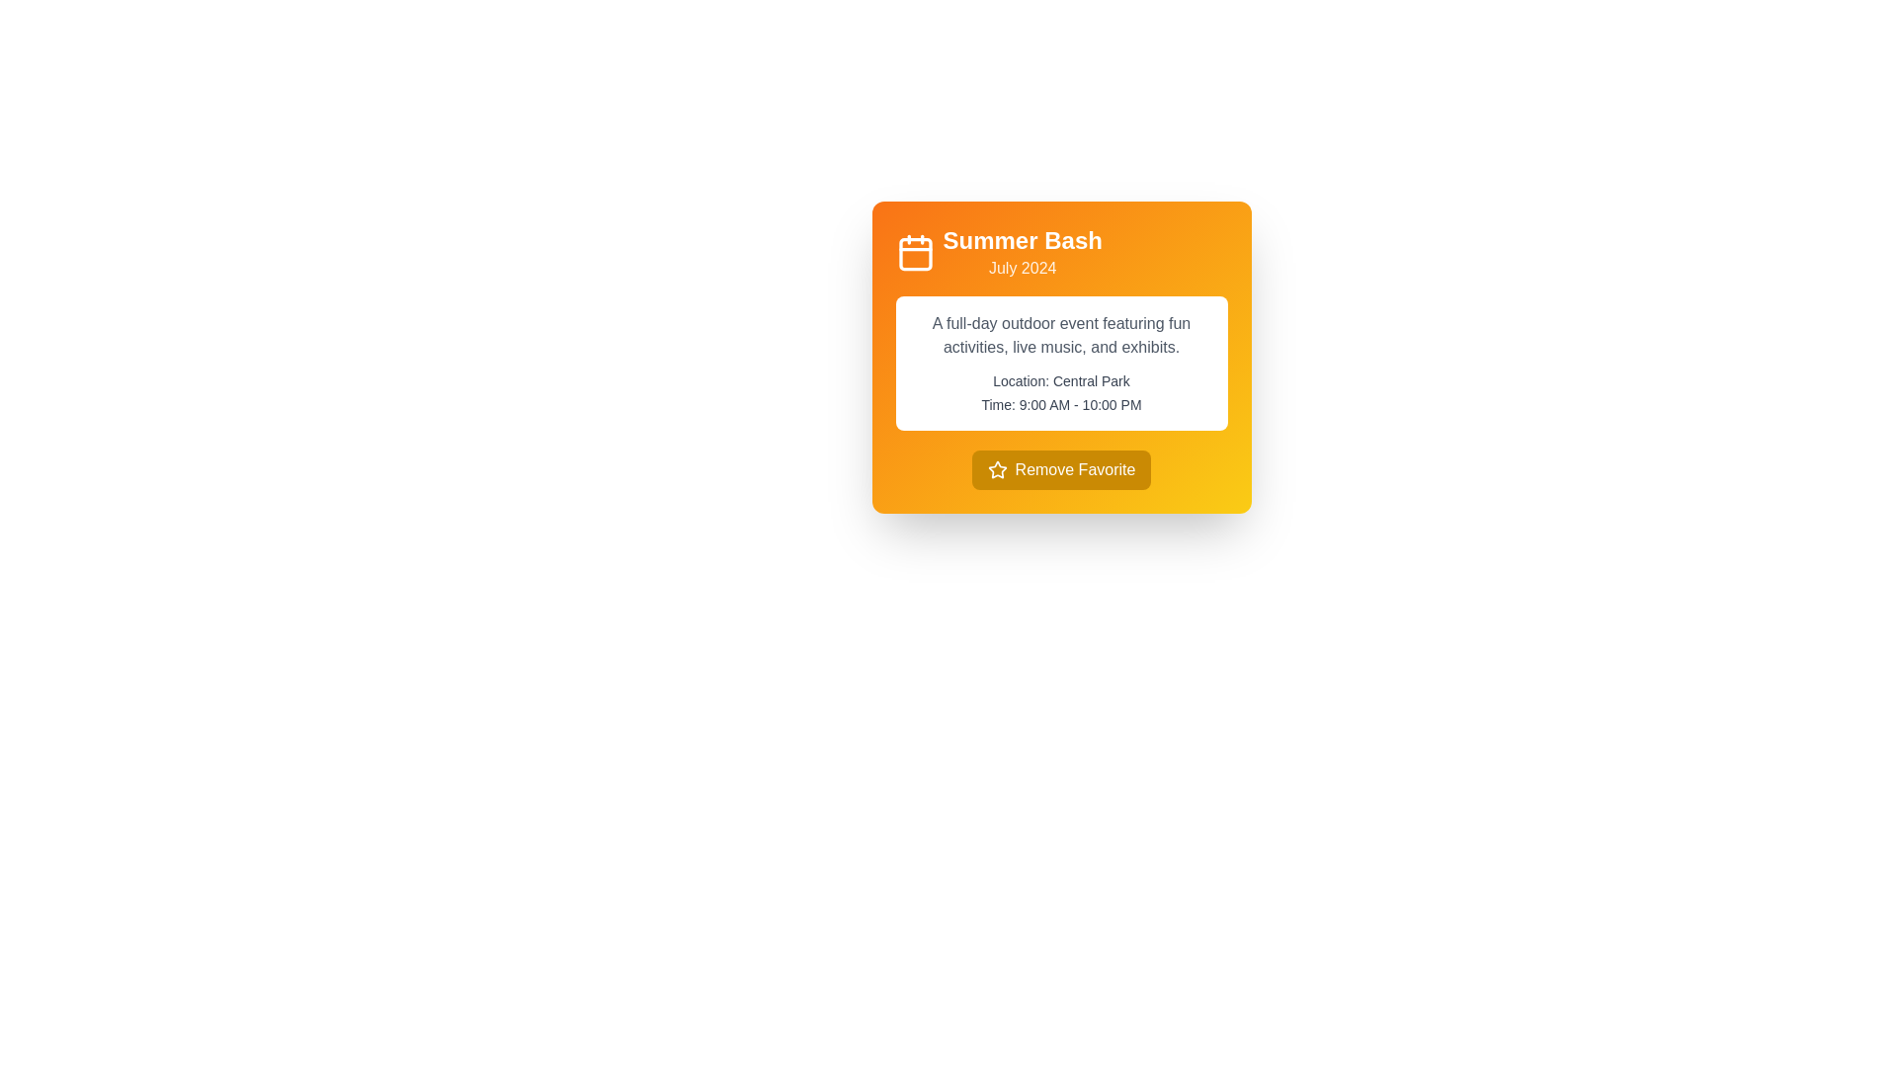  I want to click on the Text label displaying 'Time: 9:00 AM - 10:00 PM', which is located directly underneath the 'Location: Central Park' text, within an orange and white card layout, so click(1060, 403).